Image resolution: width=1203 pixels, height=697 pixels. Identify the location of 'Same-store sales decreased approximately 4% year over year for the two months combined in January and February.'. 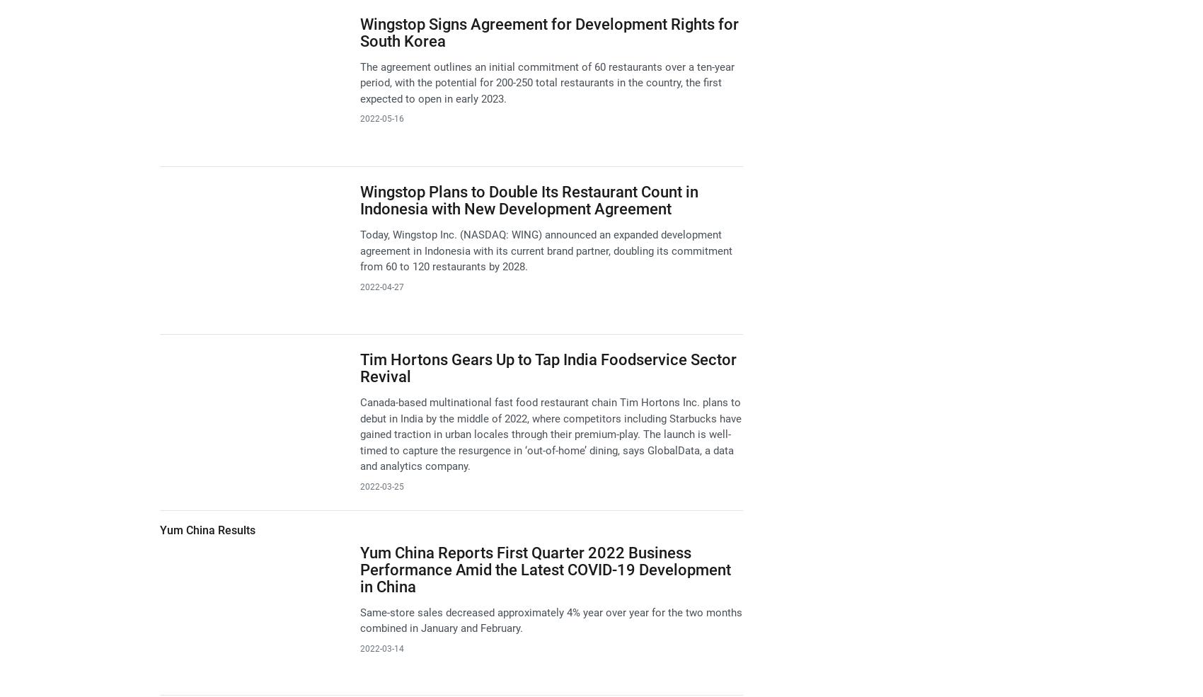
(549, 619).